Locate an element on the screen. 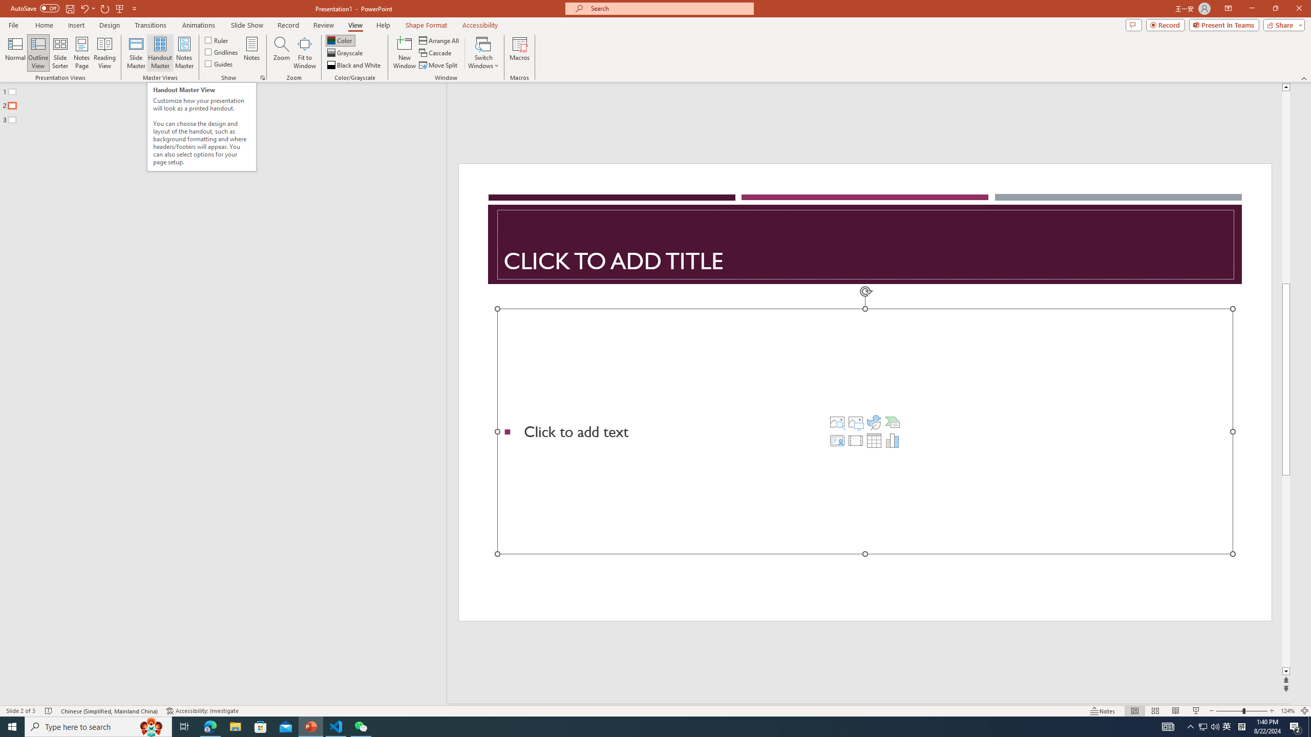  'Slide Master' is located at coordinates (136, 53).